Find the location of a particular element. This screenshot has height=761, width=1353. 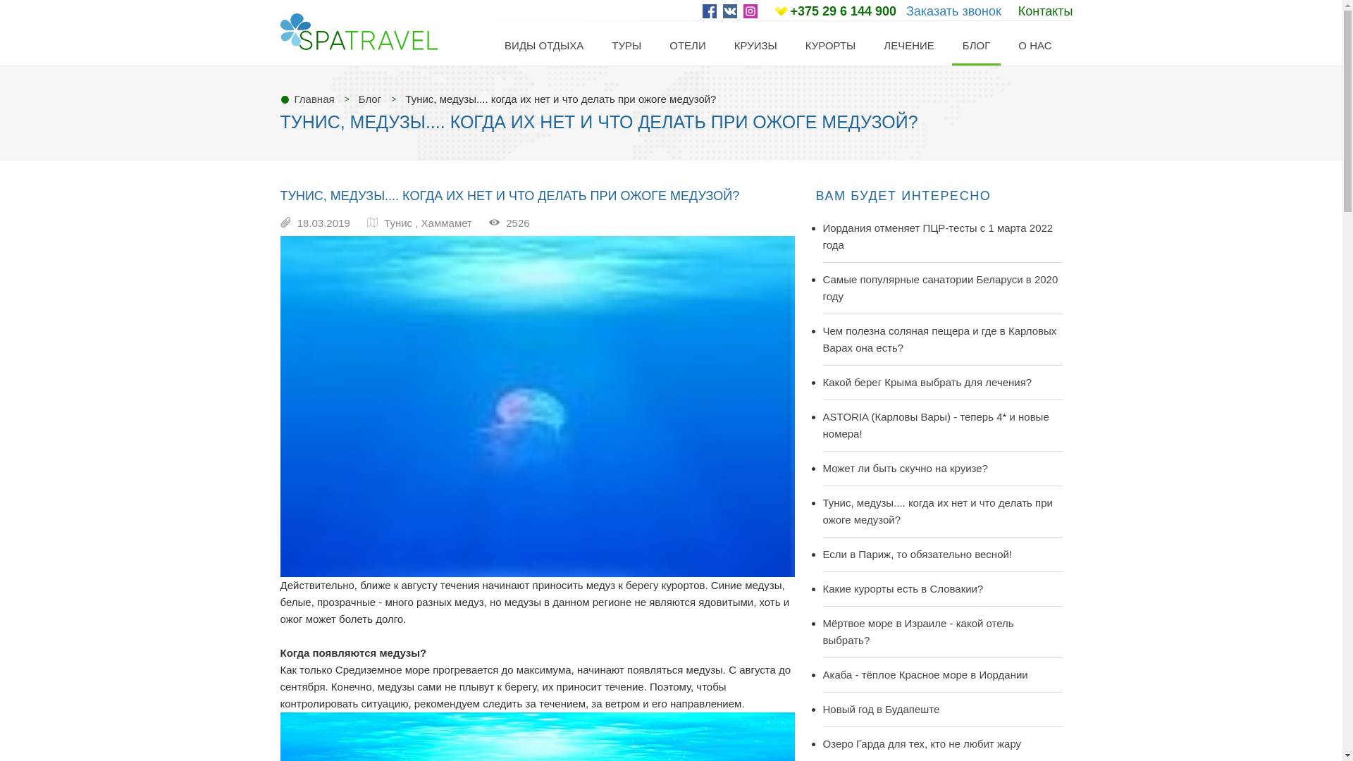

'+375 29 6 144 900' is located at coordinates (790, 11).